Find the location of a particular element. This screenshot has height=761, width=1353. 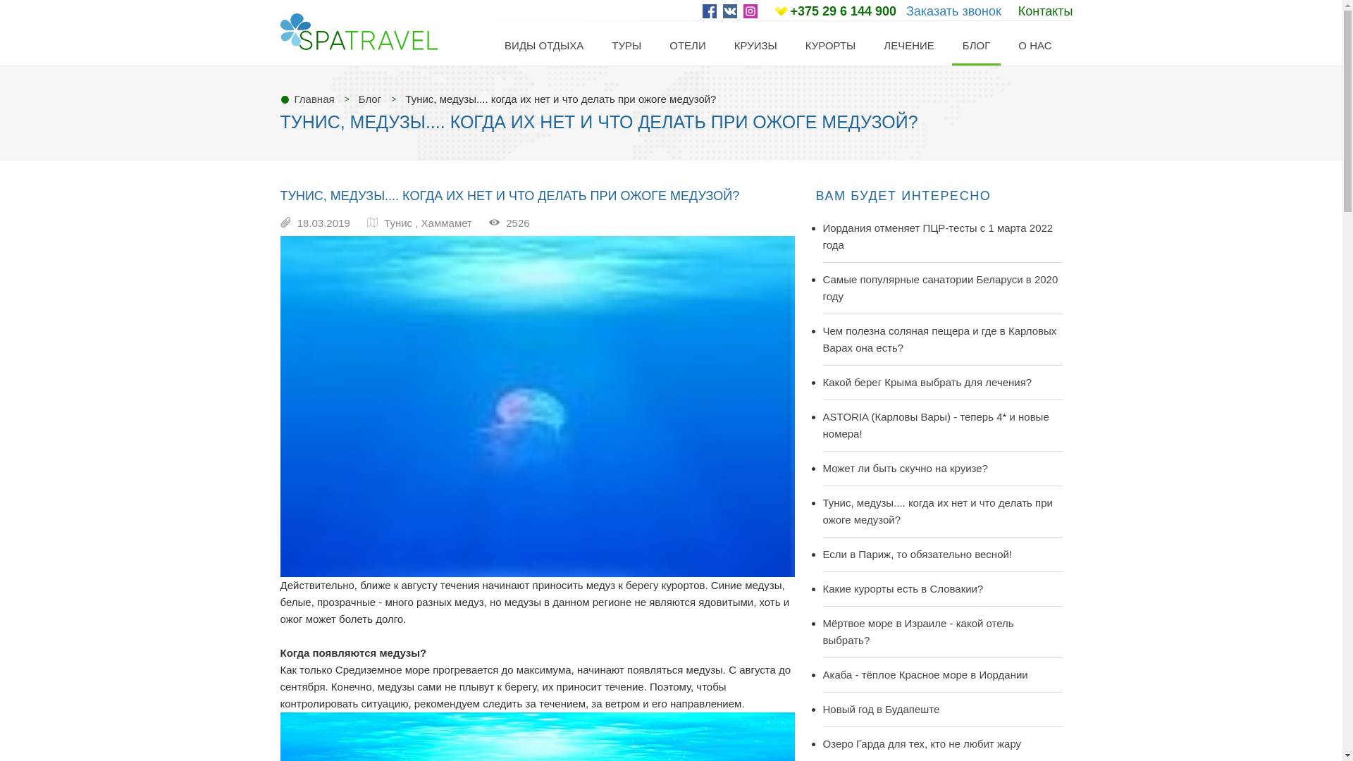

'+375 29 6 144 900' is located at coordinates (790, 11).